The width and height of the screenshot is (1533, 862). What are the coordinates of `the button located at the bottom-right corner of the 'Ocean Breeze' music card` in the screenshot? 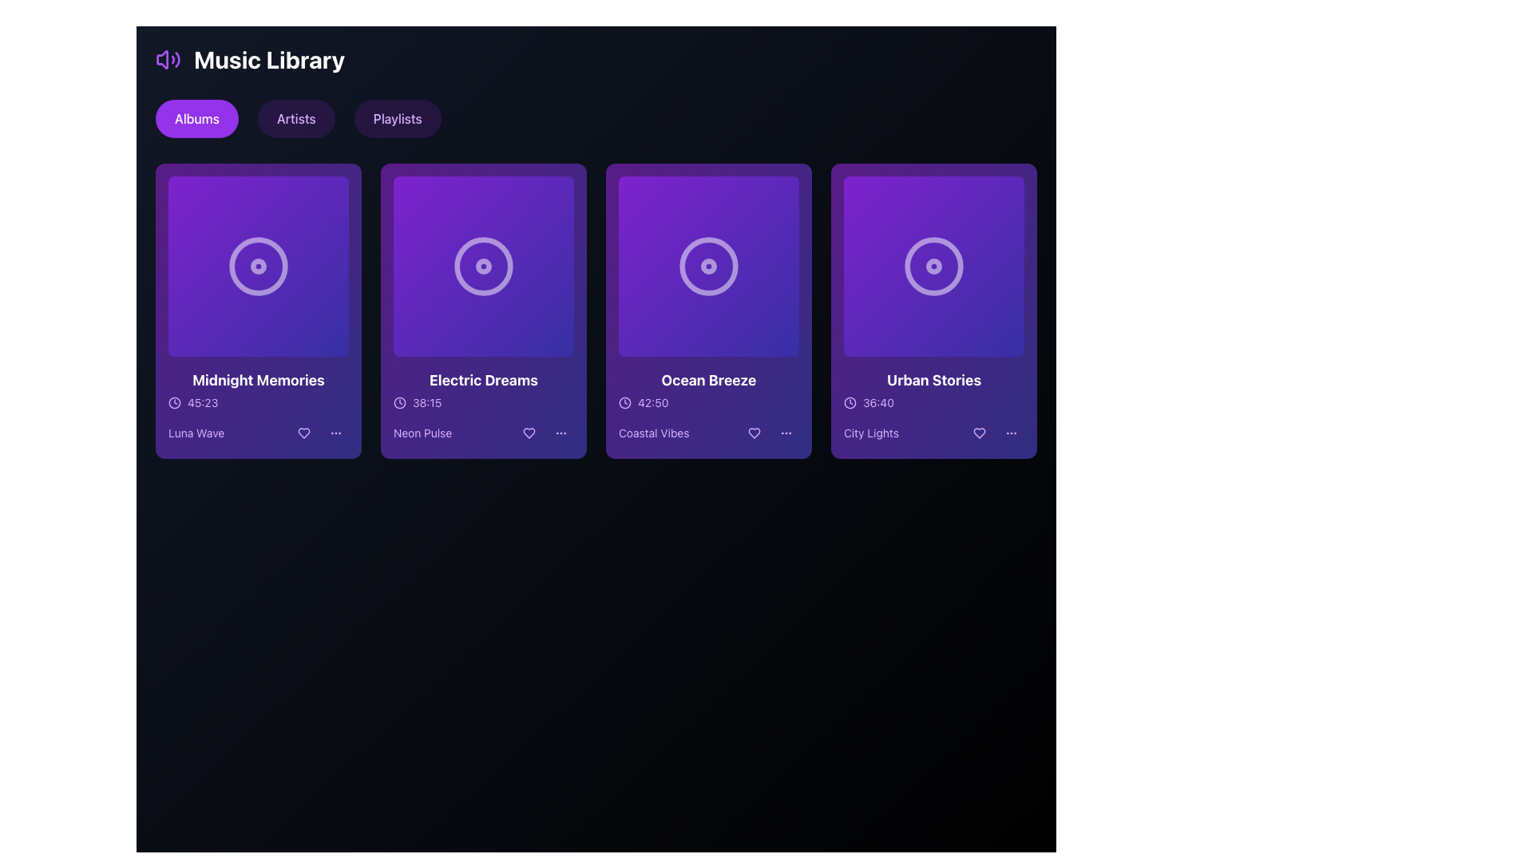 It's located at (786, 433).